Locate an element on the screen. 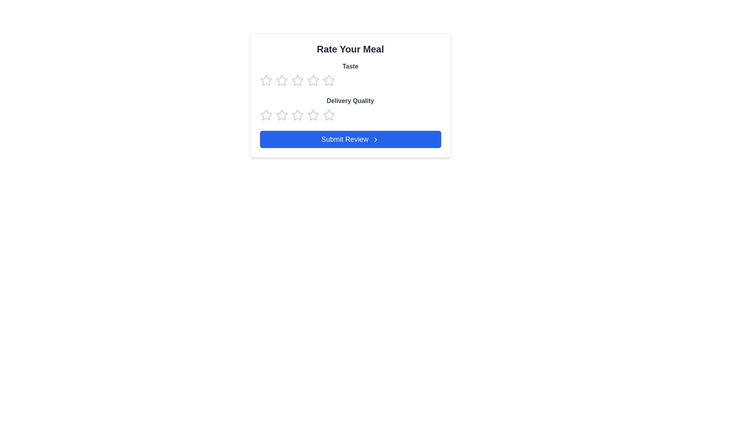 Image resolution: width=753 pixels, height=423 pixels. the submission button located beneath the 'Rate Your Meal' section to finalize and submit the review for 'Taste' and 'Delivery Quality' is located at coordinates (350, 139).